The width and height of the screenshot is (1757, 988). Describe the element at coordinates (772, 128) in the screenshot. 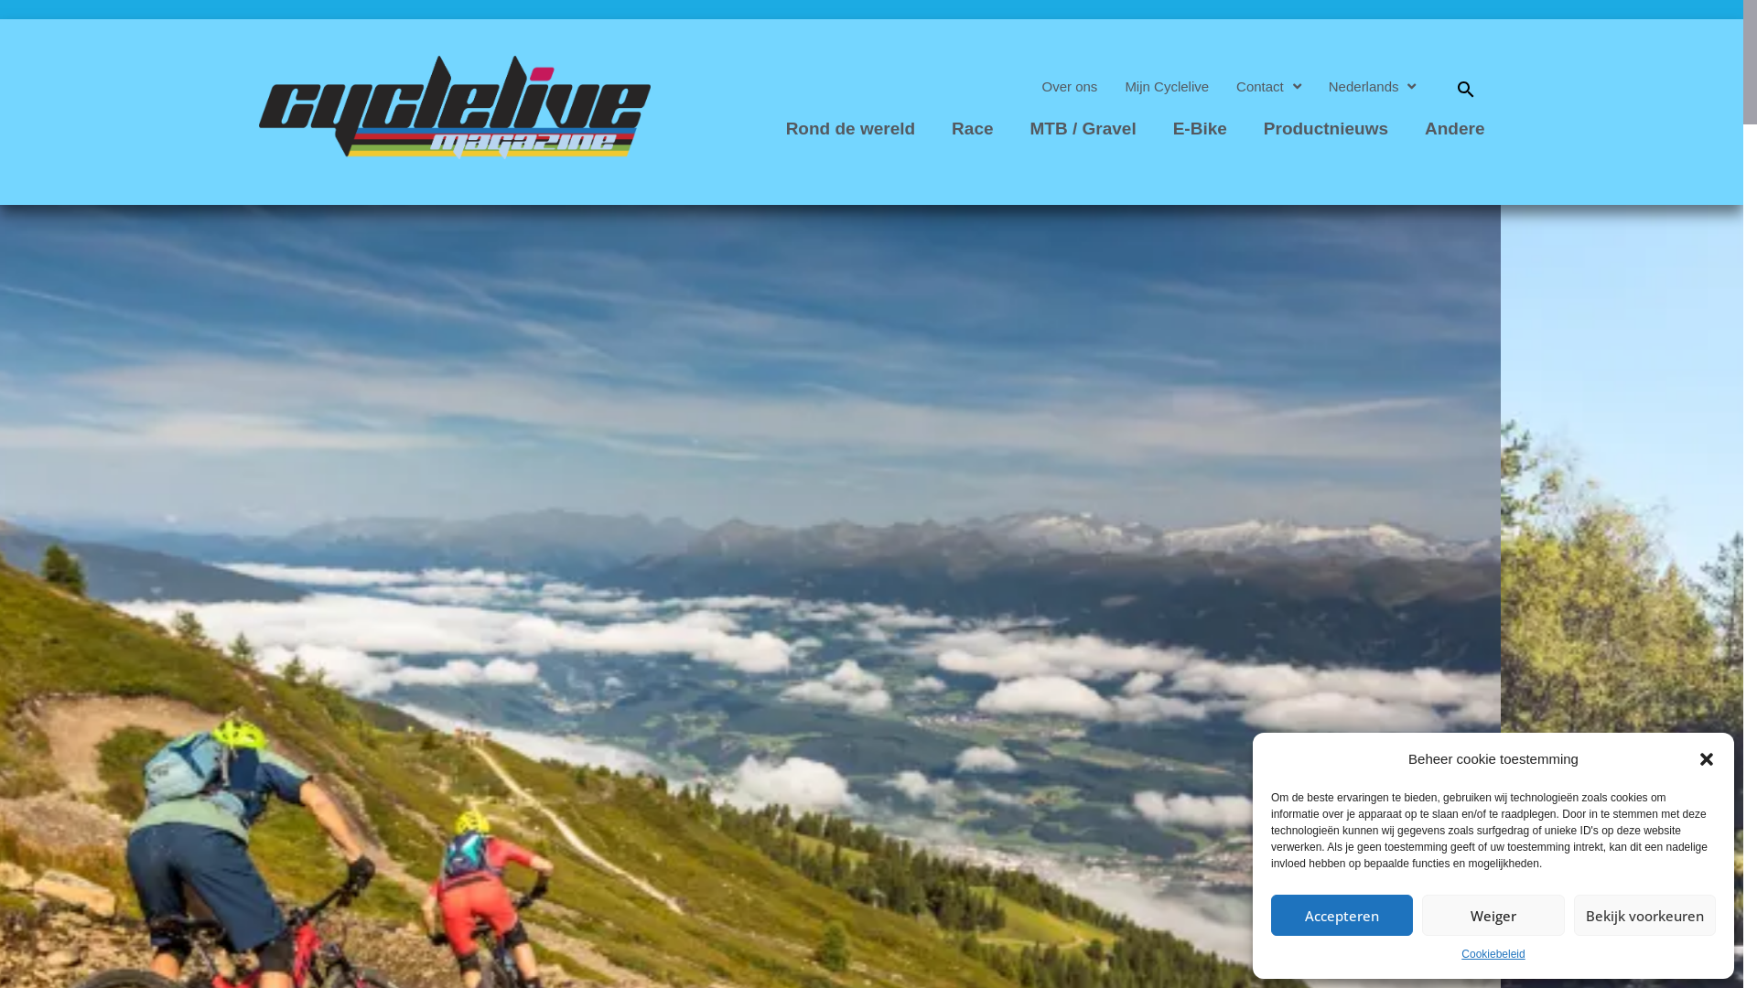

I see `'Rond de wereld'` at that location.